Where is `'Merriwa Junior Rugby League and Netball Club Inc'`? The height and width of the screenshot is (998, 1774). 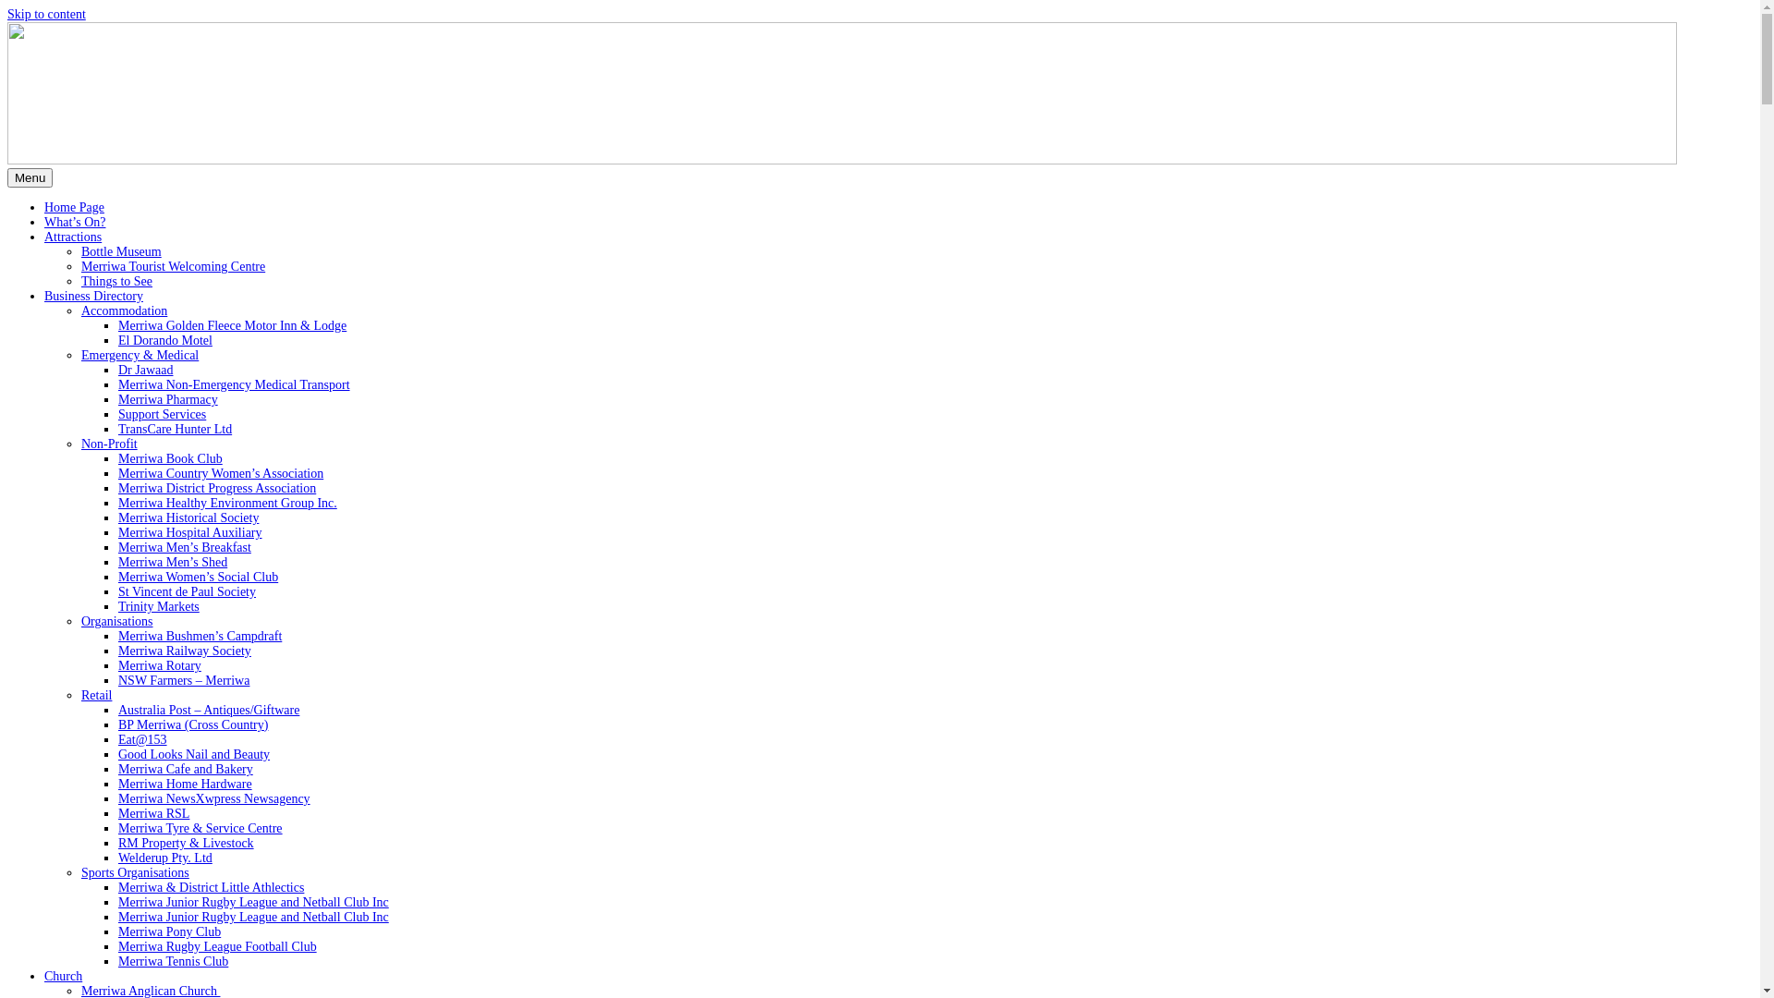
'Merriwa Junior Rugby League and Netball Club Inc' is located at coordinates (252, 901).